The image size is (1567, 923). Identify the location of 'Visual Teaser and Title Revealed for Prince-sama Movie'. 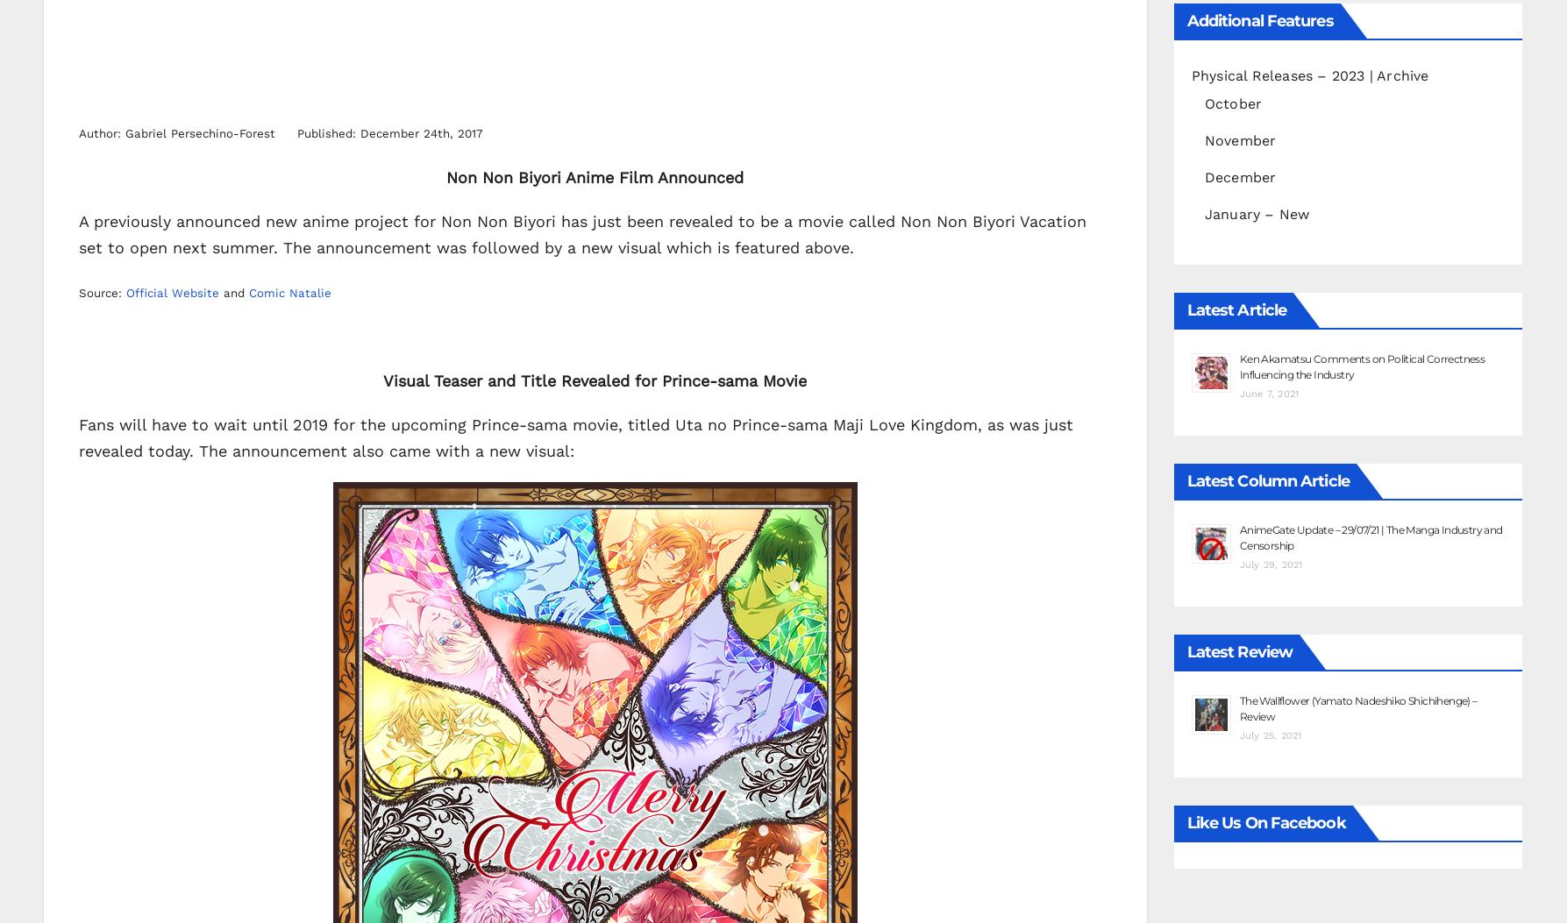
(594, 379).